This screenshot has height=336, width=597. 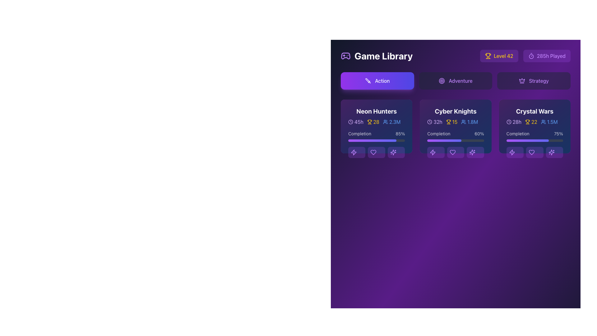 I want to click on the static label displaying a blue icon of a group of people followed by the text '1.5M' in the bottom-right information line of the 'Crystal Wars' card in the Game Library interface, so click(x=549, y=122).